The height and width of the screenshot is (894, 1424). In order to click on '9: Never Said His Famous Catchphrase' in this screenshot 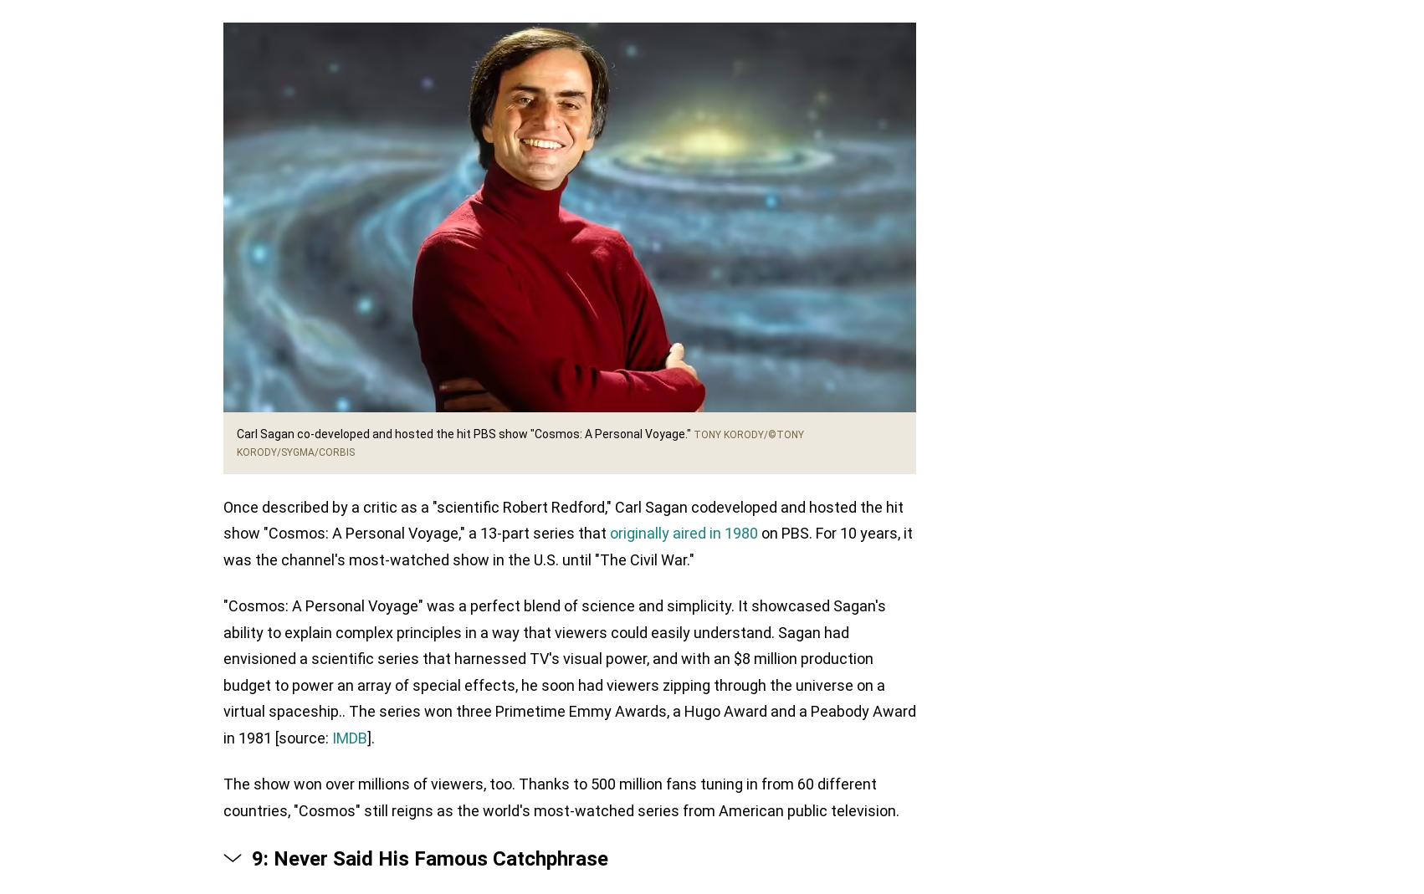, I will do `click(252, 858)`.